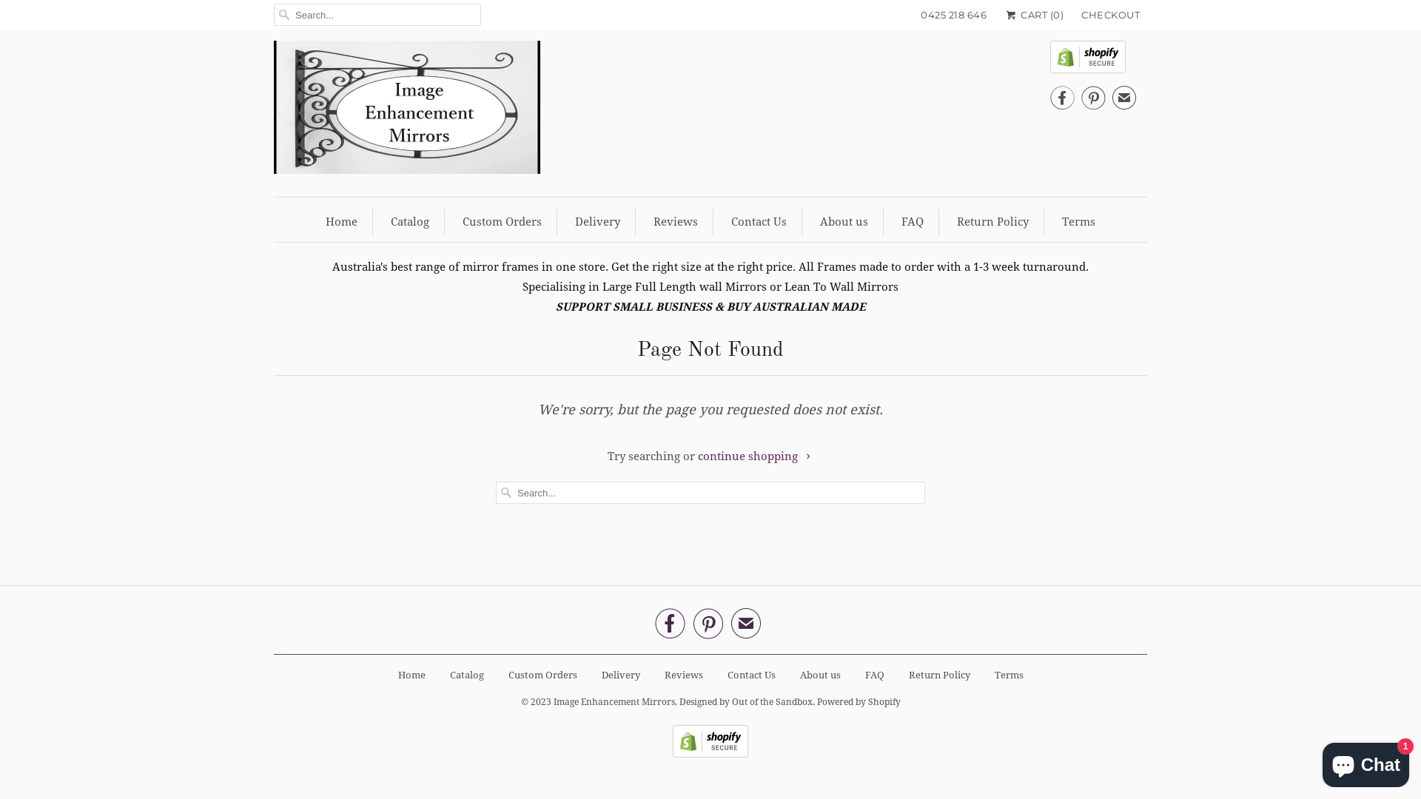 The height and width of the screenshot is (799, 1421). Describe the element at coordinates (953, 14) in the screenshot. I see `'0425 218 646'` at that location.